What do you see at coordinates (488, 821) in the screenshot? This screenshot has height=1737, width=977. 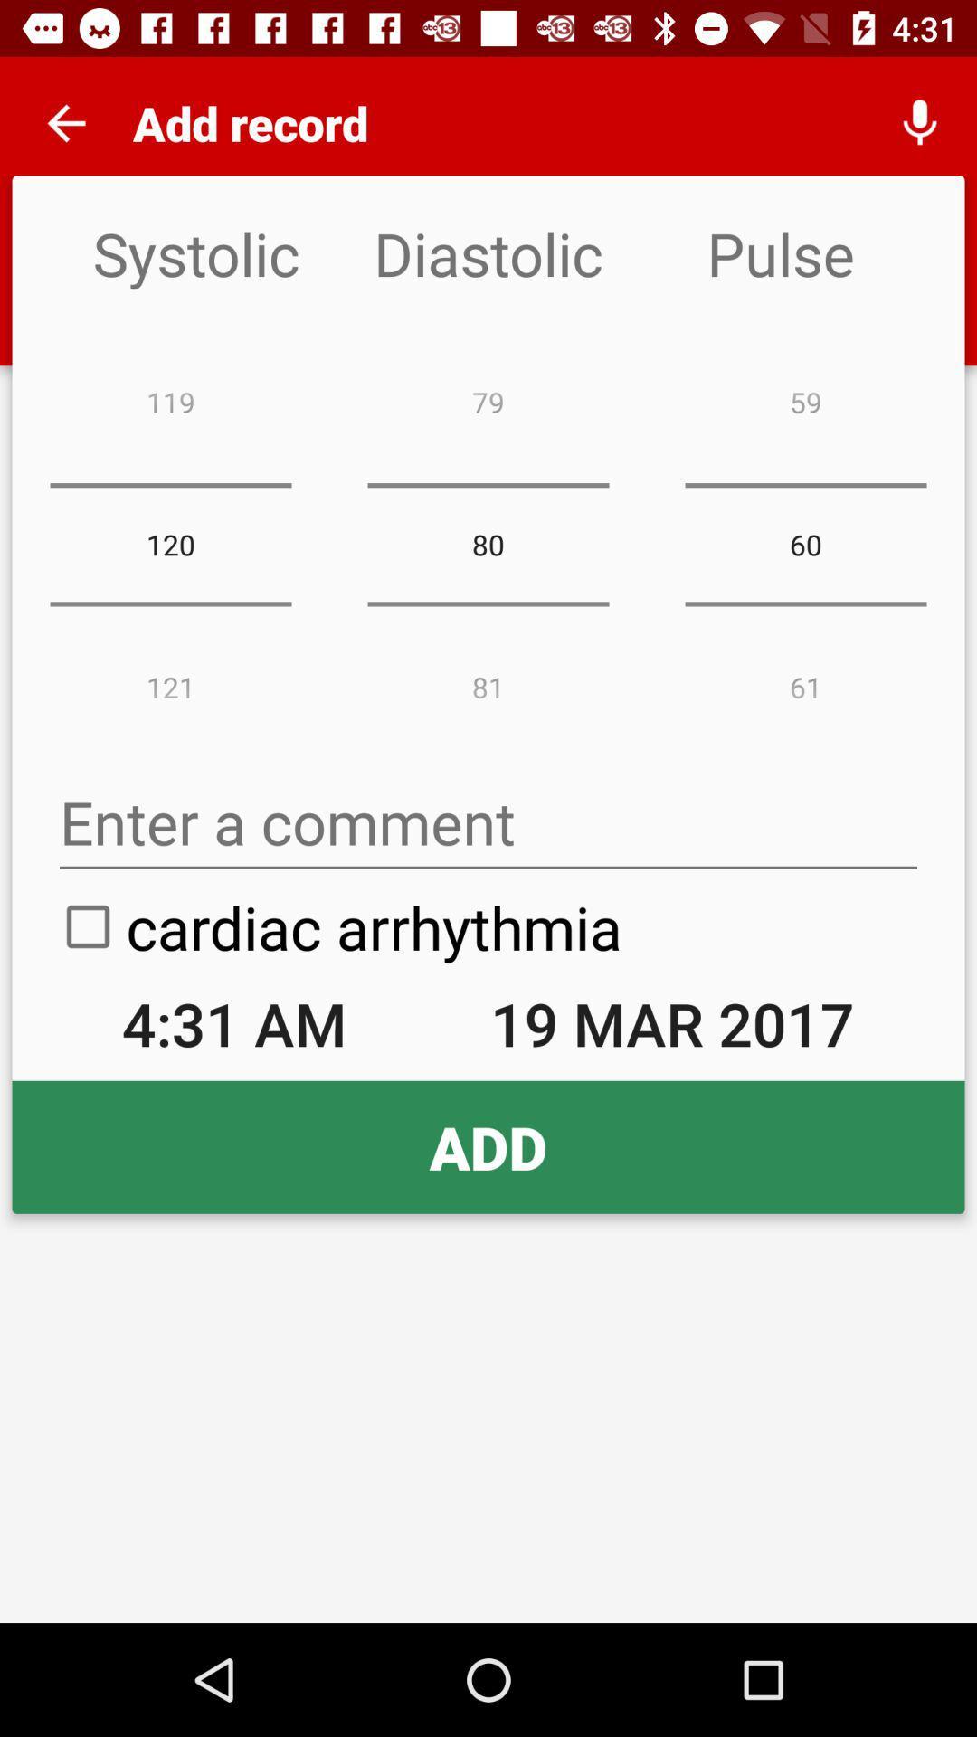 I see `enter a comment option` at bounding box center [488, 821].